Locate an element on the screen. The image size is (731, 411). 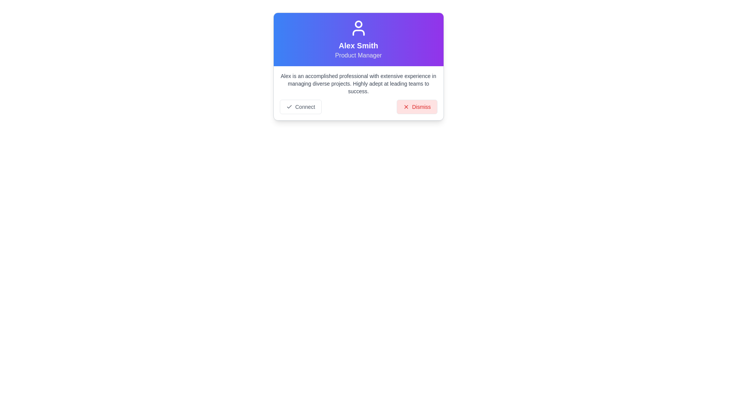
the 'Connect' button located in the lower-left corner of the card layout is located at coordinates (300, 107).